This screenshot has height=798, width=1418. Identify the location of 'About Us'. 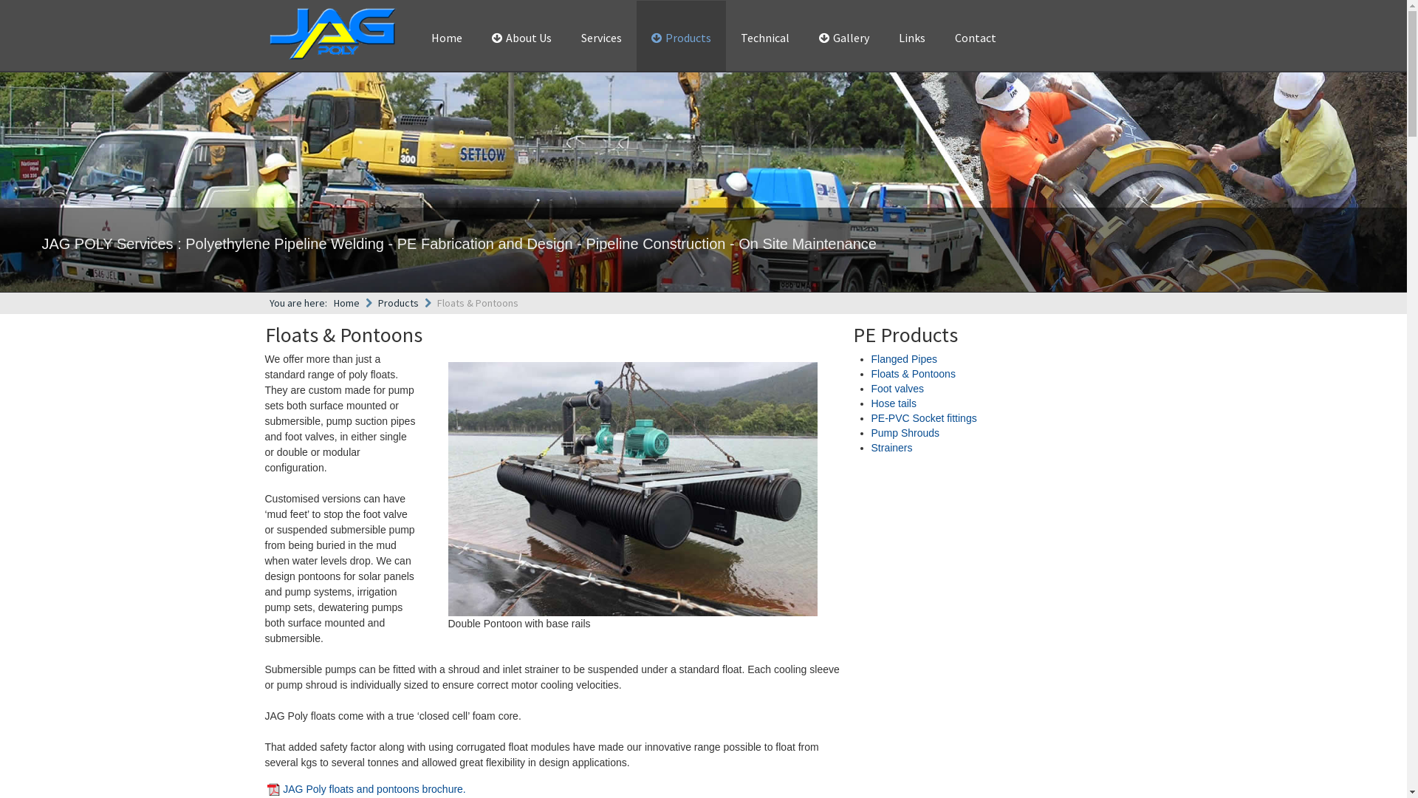
(521, 37).